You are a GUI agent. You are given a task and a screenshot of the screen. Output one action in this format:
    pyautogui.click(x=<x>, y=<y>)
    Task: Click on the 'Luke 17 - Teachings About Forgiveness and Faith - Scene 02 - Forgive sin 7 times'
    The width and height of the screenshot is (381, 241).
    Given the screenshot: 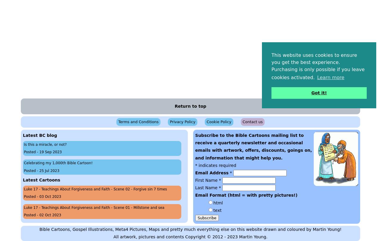 What is the action you would take?
    pyautogui.click(x=95, y=189)
    